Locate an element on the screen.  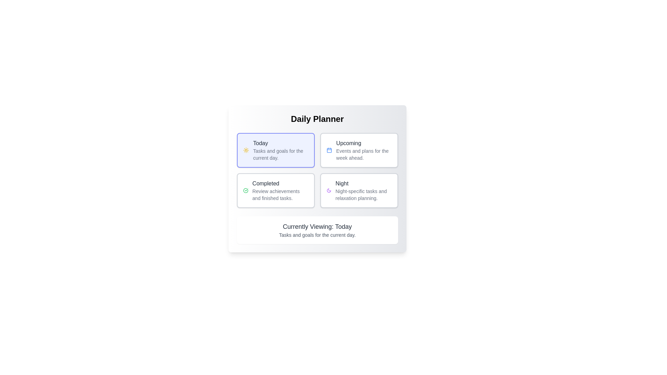
the 'Daily Planner' header text element, which serves as the title for the section is located at coordinates (317, 119).